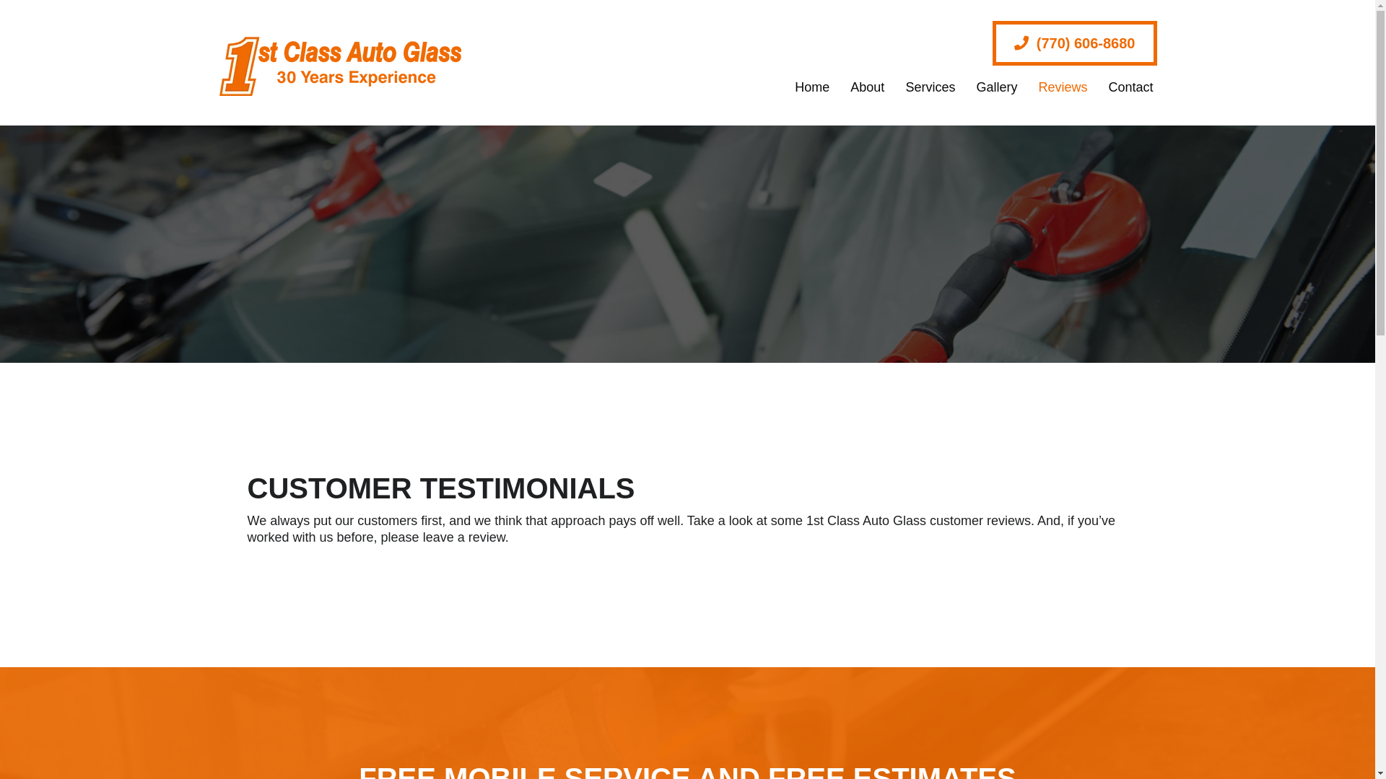  What do you see at coordinates (959, 87) in the screenshot?
I see `'Gallery'` at bounding box center [959, 87].